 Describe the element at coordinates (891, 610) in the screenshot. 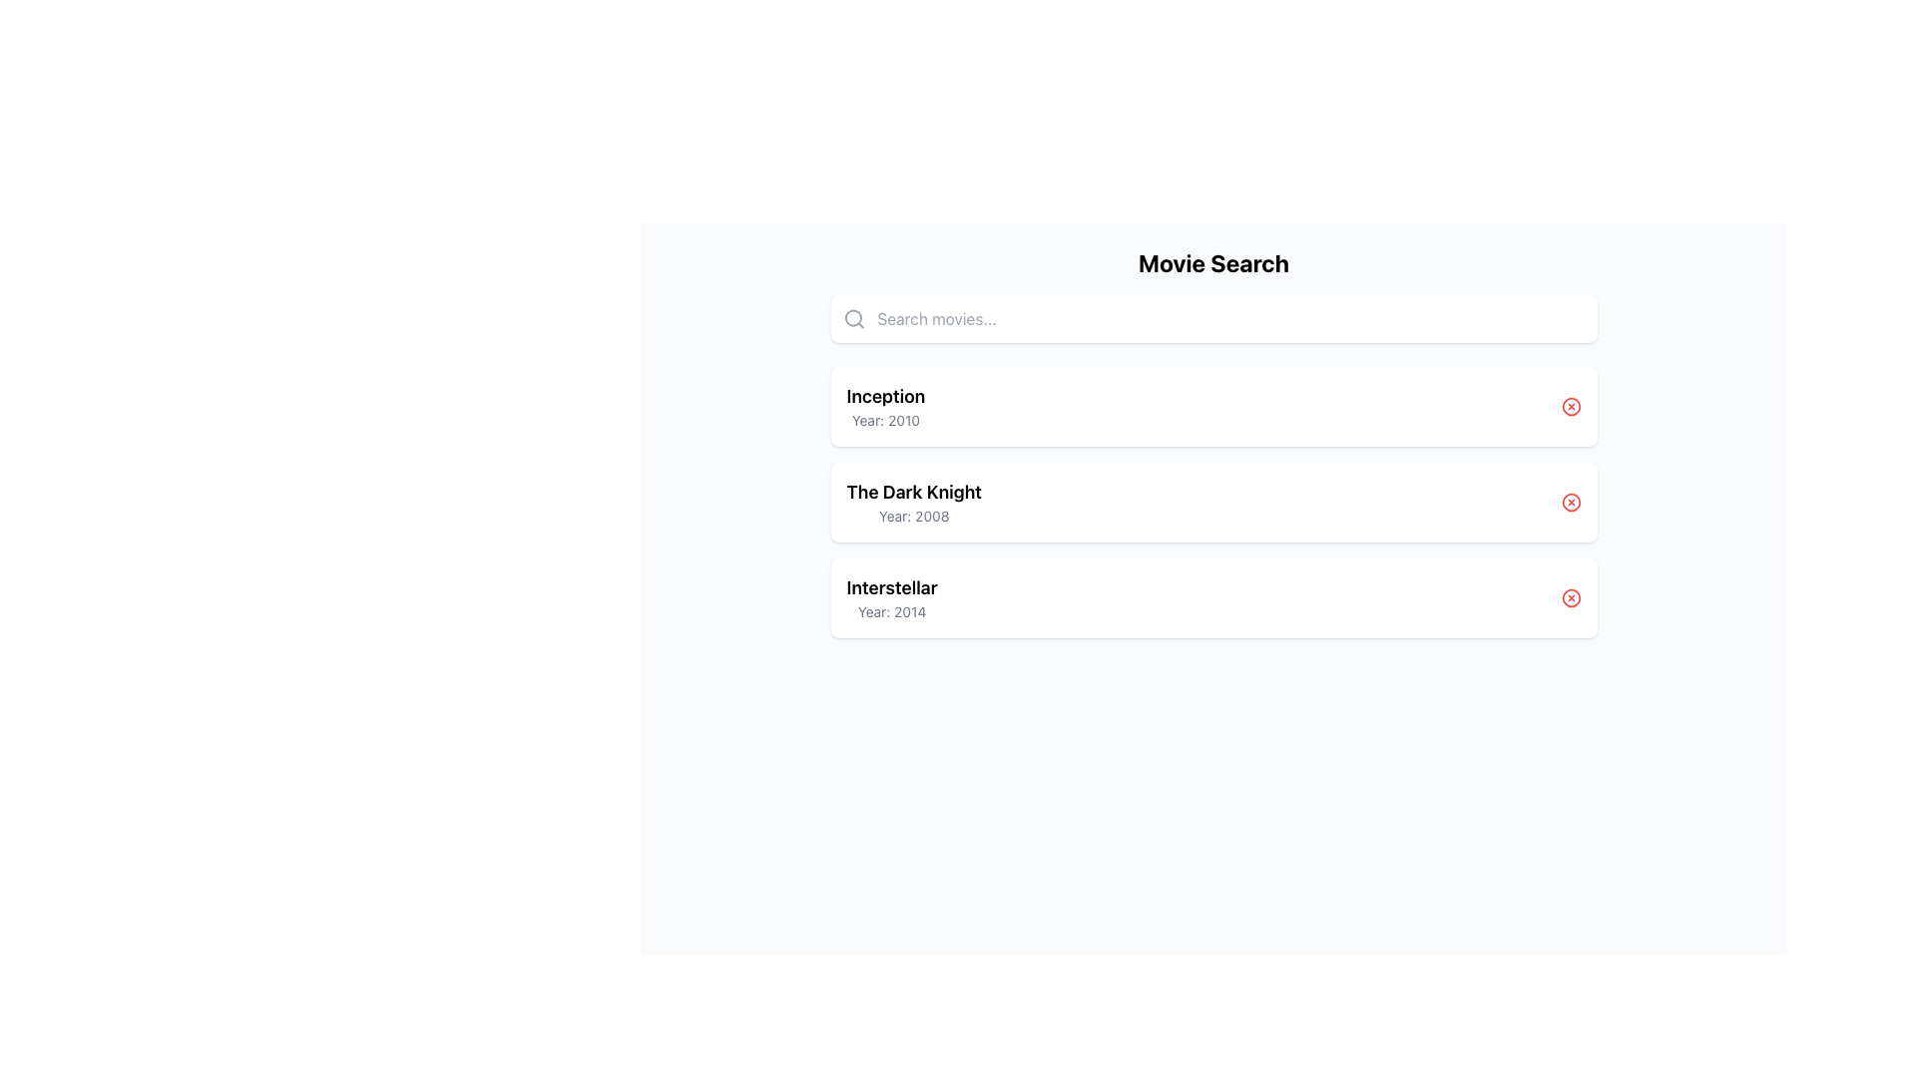

I see `the text label displaying 'Year: 2014' located beneath the main title of the movie 'Interstellar' in the vertical list of movie entries` at that location.